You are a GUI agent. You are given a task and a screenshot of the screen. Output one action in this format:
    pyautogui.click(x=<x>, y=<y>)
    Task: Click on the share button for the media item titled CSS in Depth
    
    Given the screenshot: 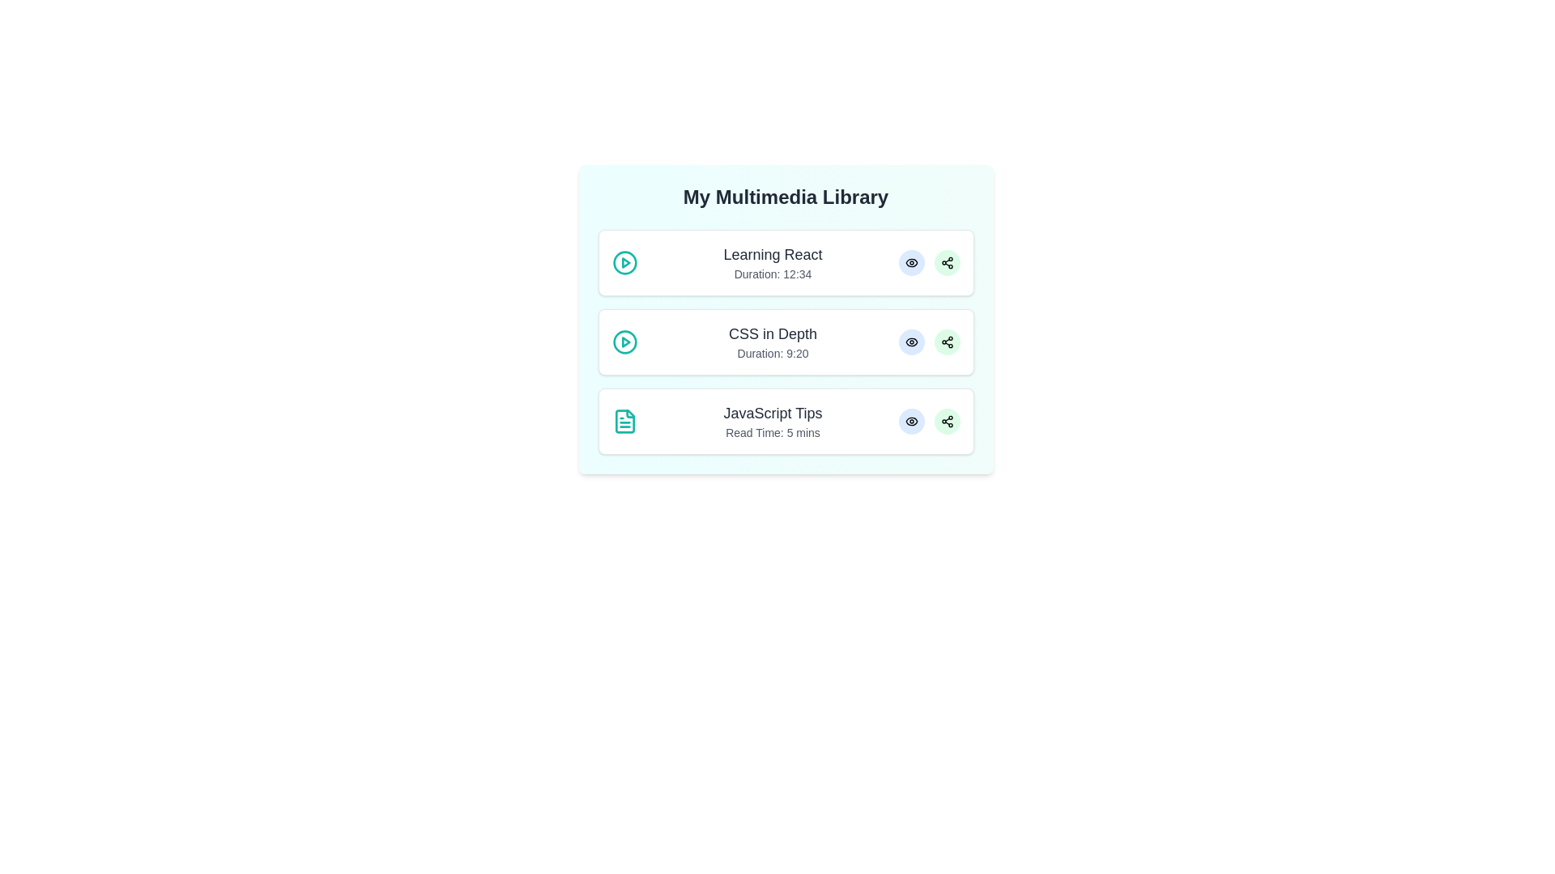 What is the action you would take?
    pyautogui.click(x=947, y=342)
    